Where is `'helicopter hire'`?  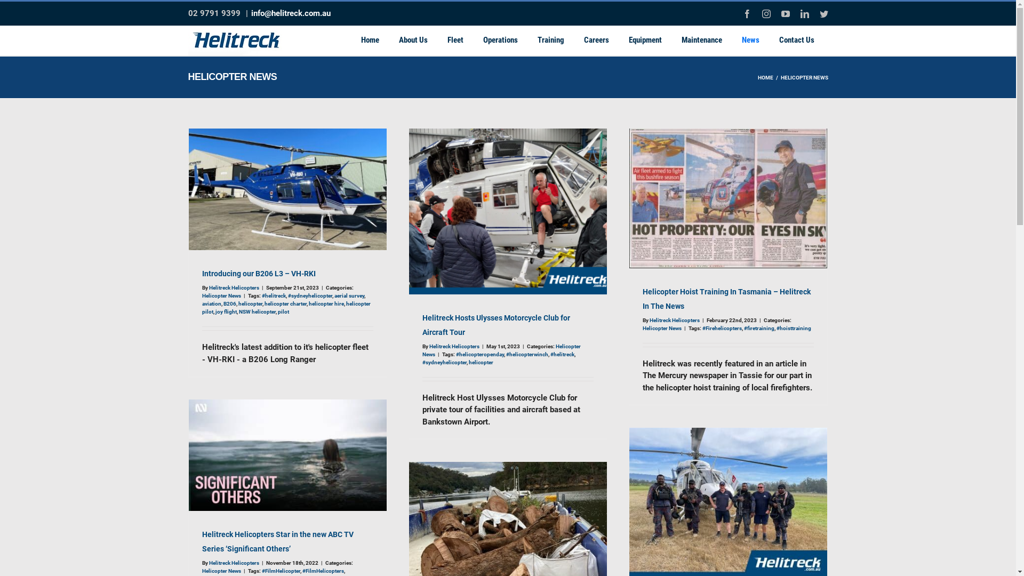
'helicopter hire' is located at coordinates (325, 303).